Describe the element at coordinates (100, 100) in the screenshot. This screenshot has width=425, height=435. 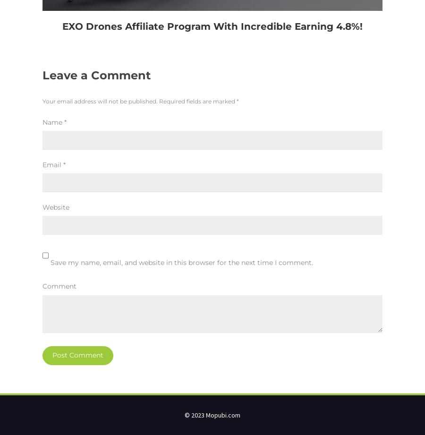
I see `'Your email address will not be published.'` at that location.